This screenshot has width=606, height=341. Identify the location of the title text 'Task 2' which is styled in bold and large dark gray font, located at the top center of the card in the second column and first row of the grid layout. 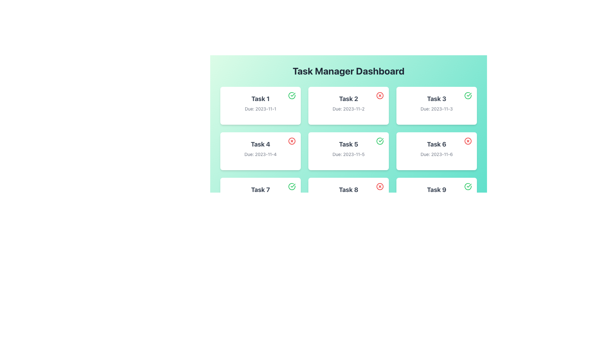
(348, 99).